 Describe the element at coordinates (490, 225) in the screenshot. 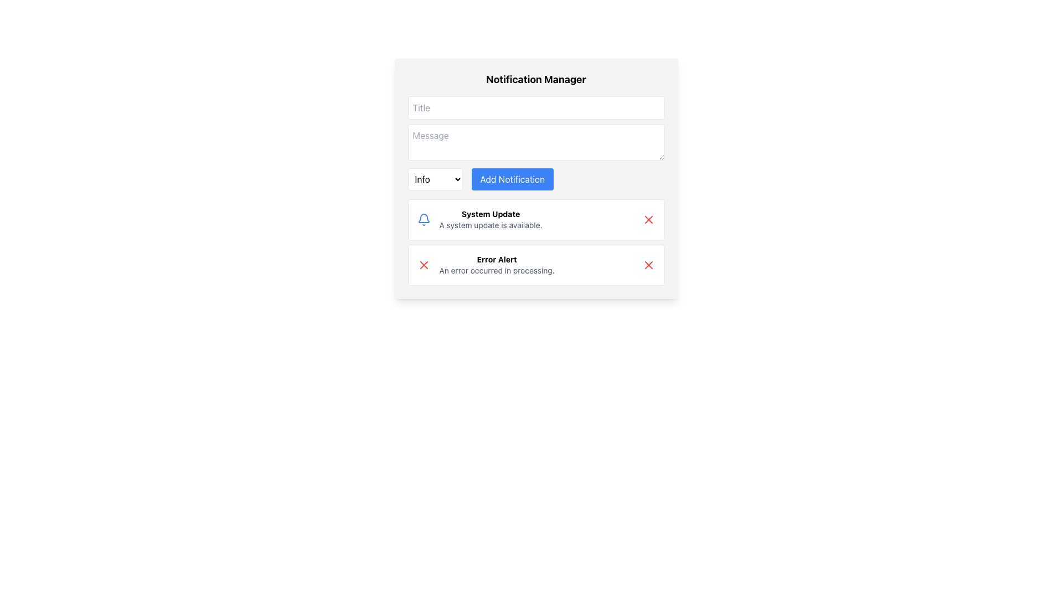

I see `text snippet that says 'A system update is available.' located below the bold title 'System Update' within a notification card` at that location.